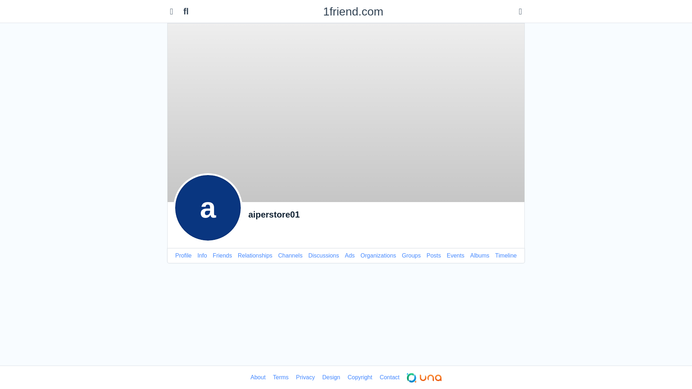  Describe the element at coordinates (389, 377) in the screenshot. I see `'Contact'` at that location.